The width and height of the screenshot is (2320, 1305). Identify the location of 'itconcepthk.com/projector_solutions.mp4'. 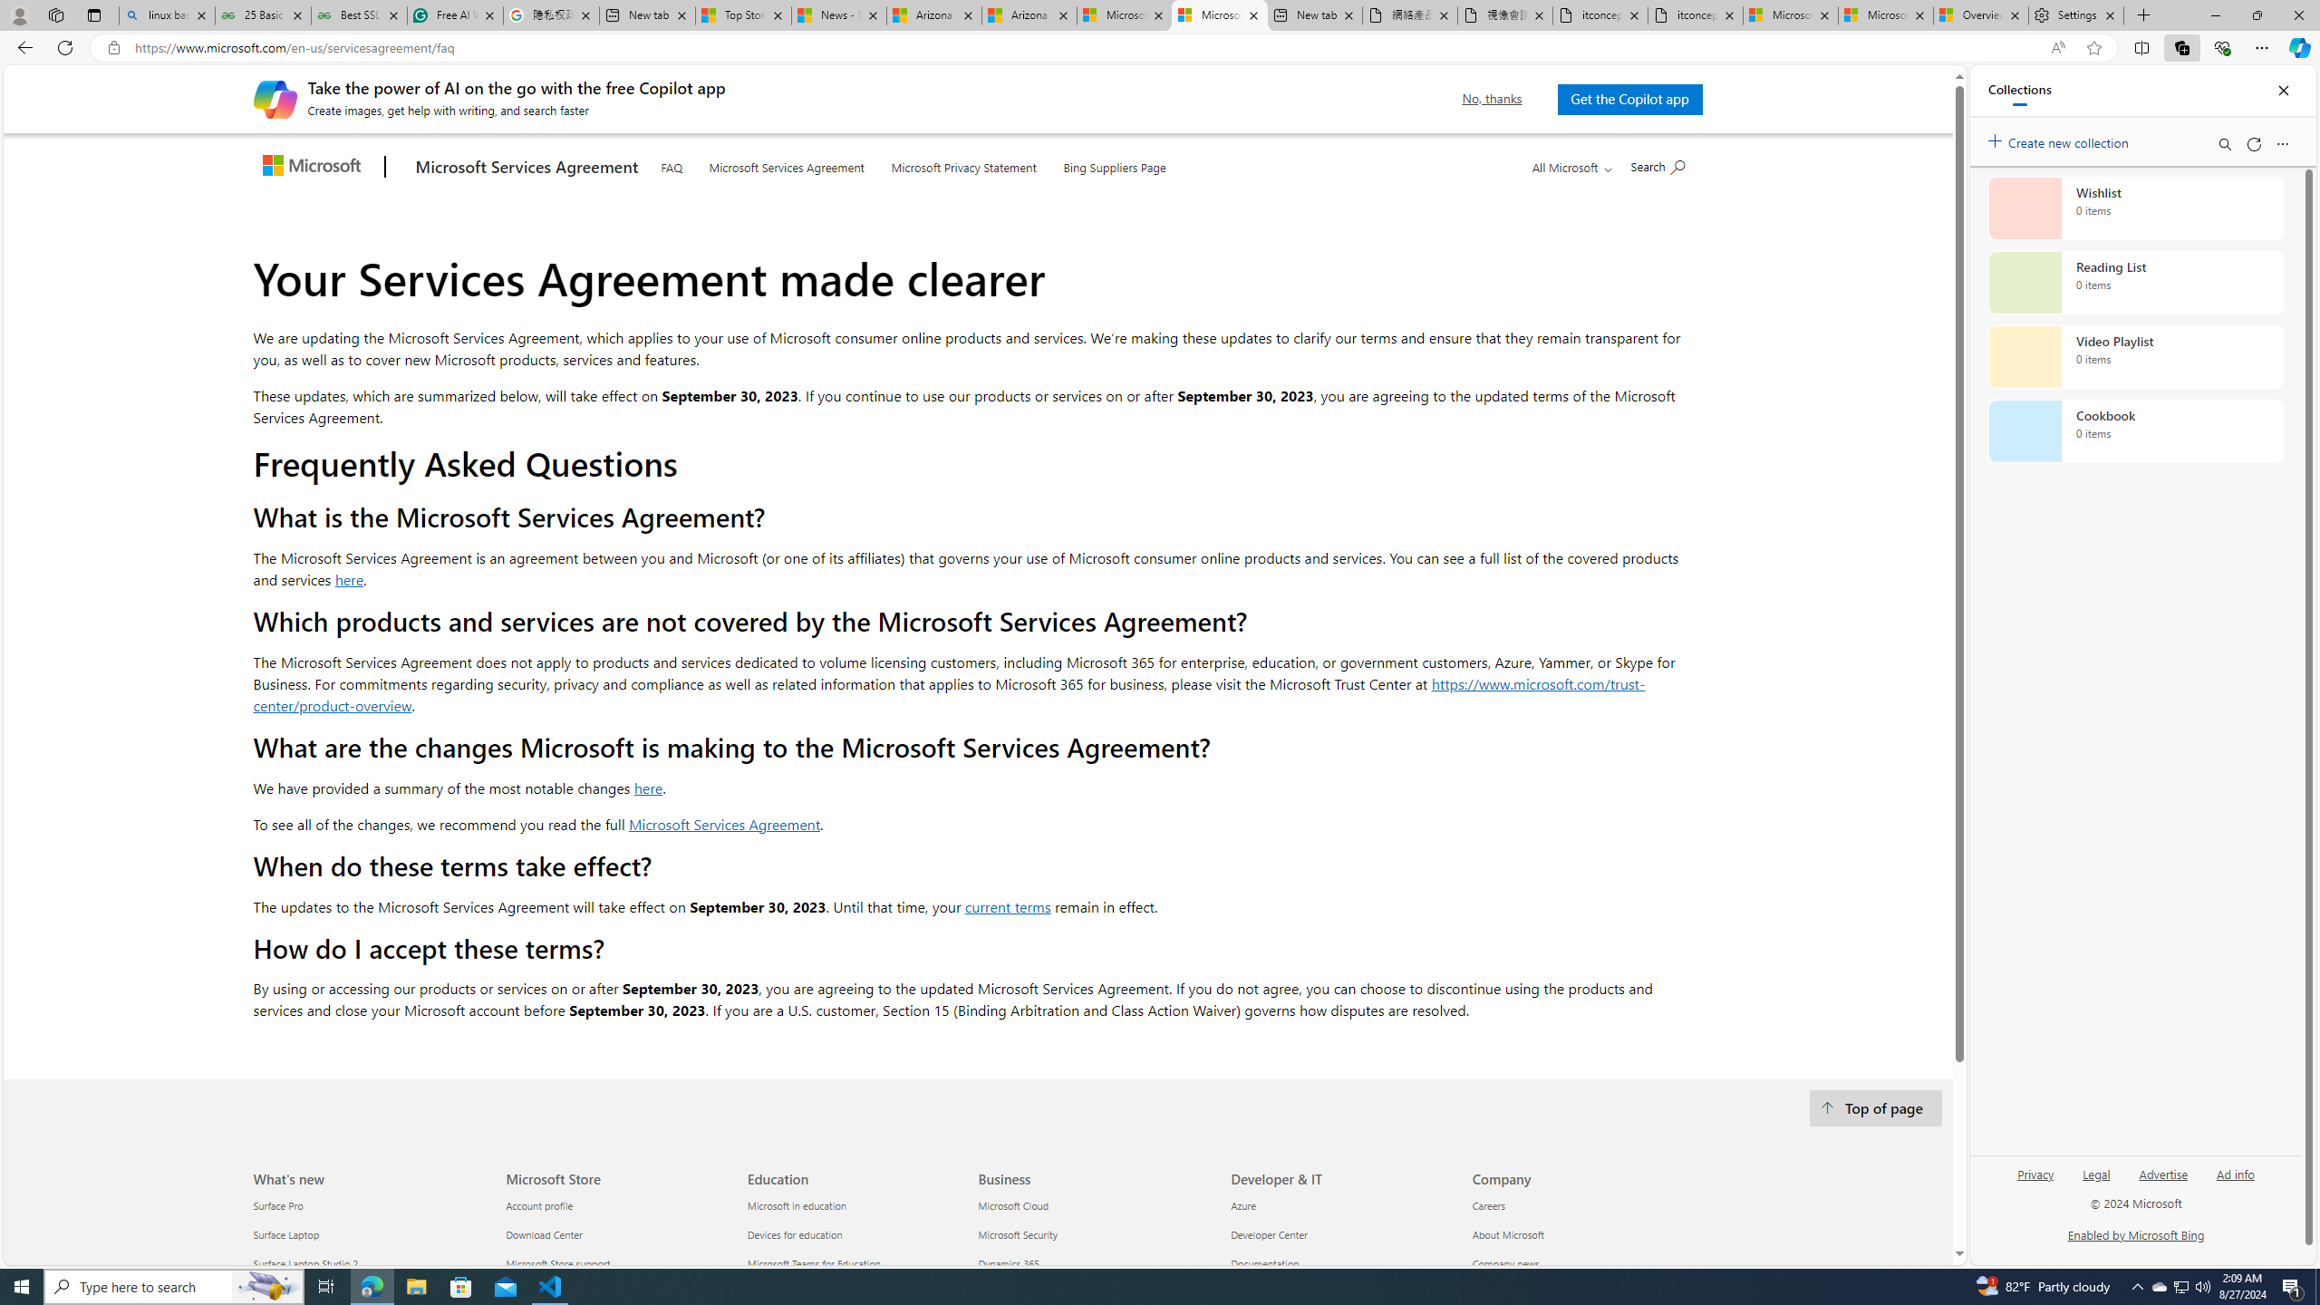
(1696, 14).